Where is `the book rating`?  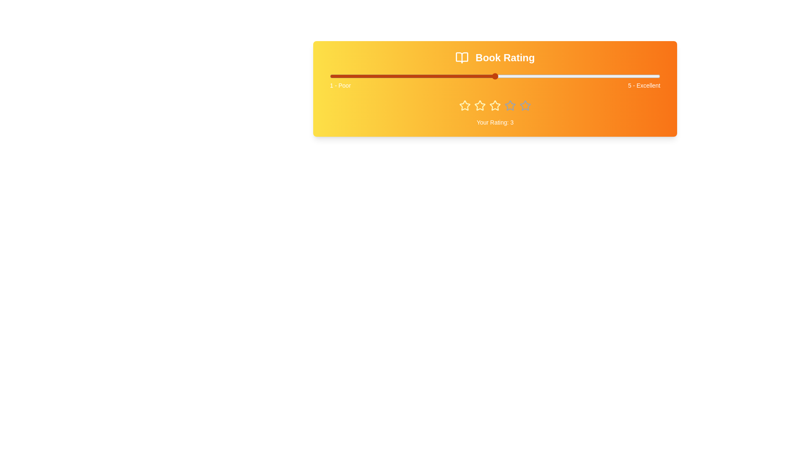 the book rating is located at coordinates (577, 76).